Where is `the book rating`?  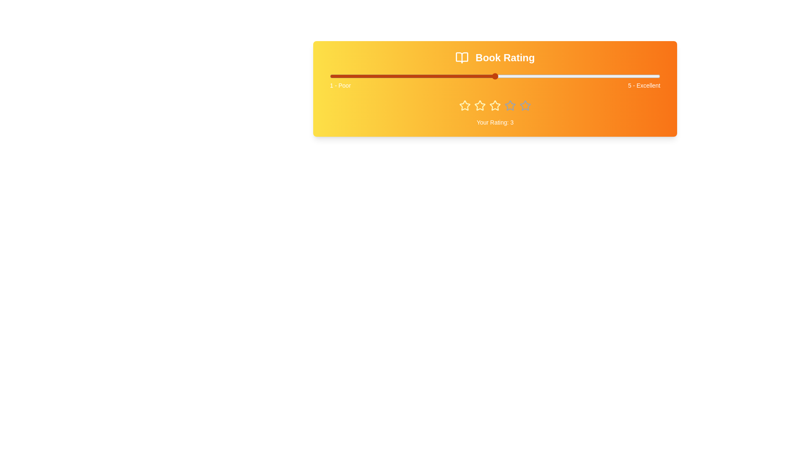 the book rating is located at coordinates (577, 76).